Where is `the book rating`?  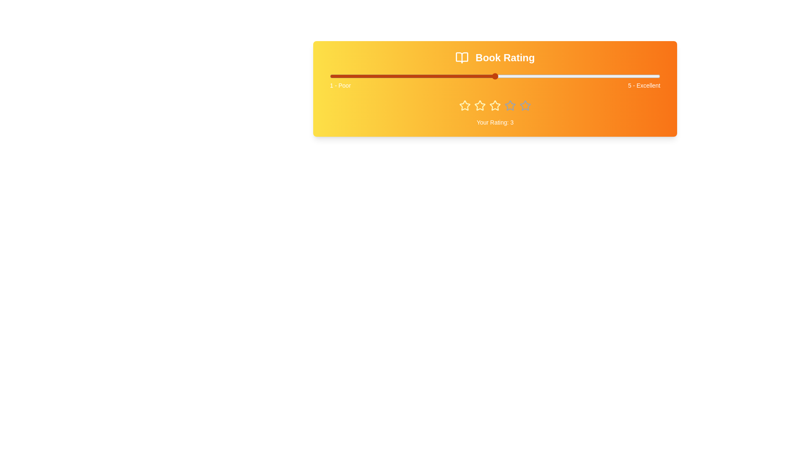 the book rating is located at coordinates (577, 76).